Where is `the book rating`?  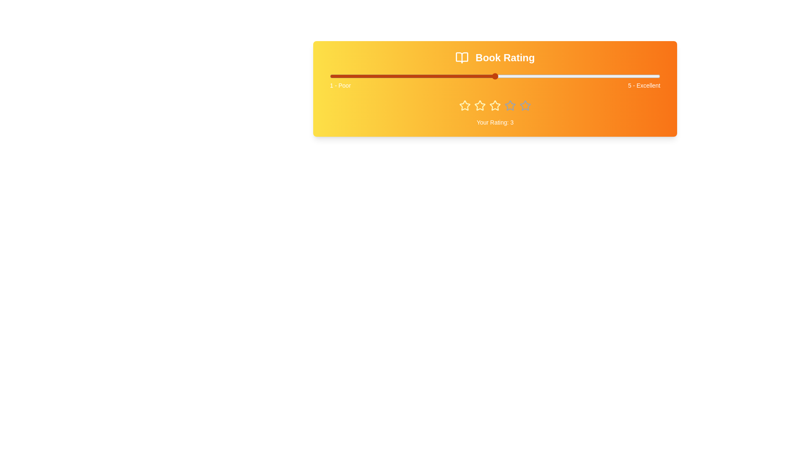 the book rating is located at coordinates (577, 76).